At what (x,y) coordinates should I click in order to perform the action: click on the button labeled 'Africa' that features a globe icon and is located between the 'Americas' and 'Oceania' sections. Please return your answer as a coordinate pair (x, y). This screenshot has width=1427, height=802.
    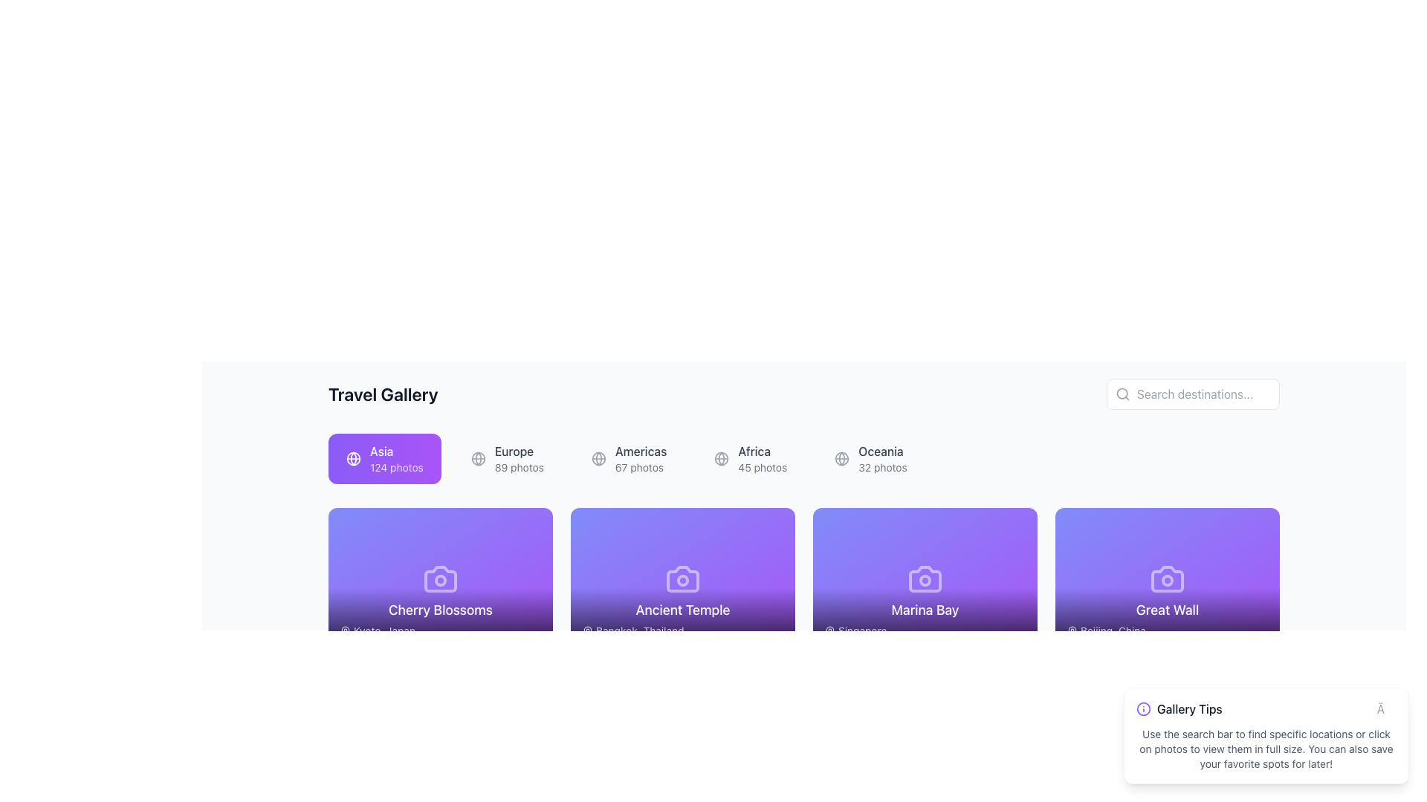
    Looking at the image, I should click on (751, 457).